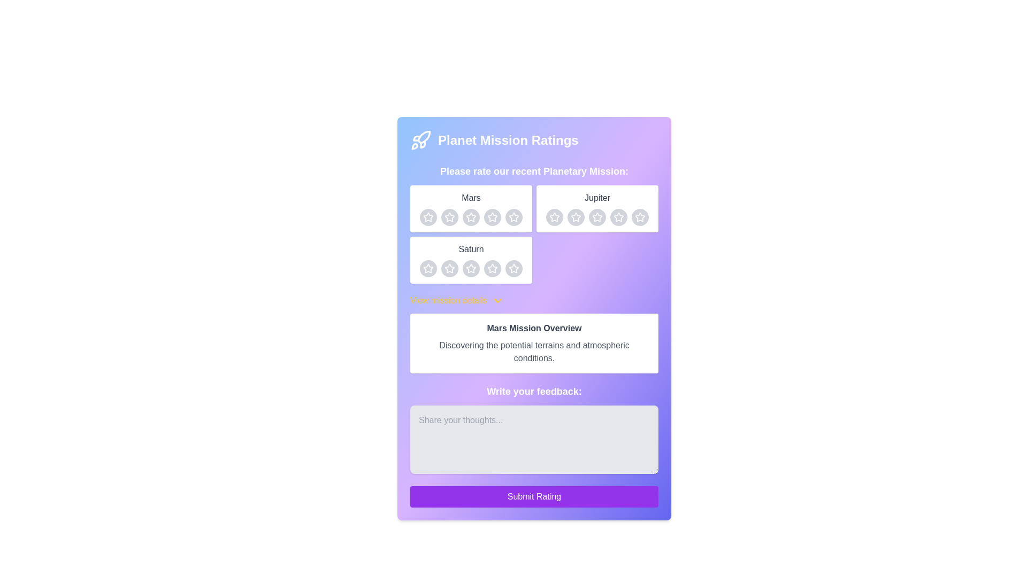  What do you see at coordinates (575, 217) in the screenshot?
I see `the third star button under the 'Jupiter' section to assign a rating` at bounding box center [575, 217].